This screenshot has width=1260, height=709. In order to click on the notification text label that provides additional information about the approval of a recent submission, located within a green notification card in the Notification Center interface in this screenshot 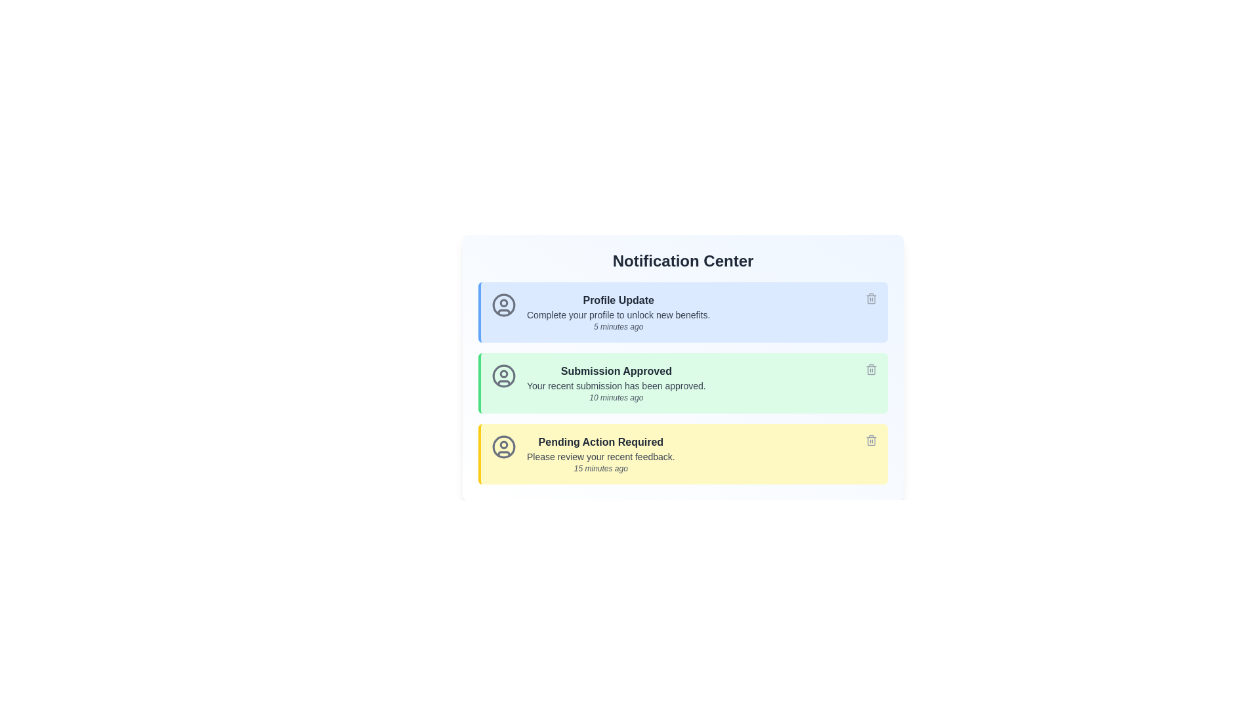, I will do `click(616, 385)`.